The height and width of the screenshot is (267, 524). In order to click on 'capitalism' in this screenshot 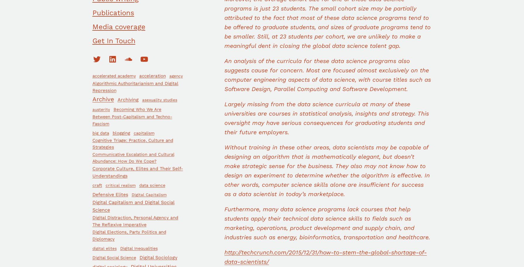, I will do `click(144, 133)`.